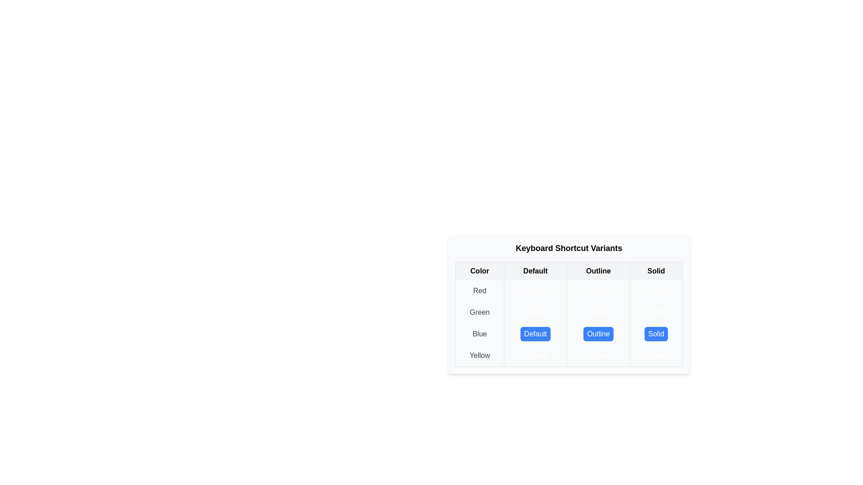 The image size is (863, 485). Describe the element at coordinates (656, 334) in the screenshot. I see `the button representing 'Solid' in the 'Blue' row located at the bottom-right section of the table` at that location.